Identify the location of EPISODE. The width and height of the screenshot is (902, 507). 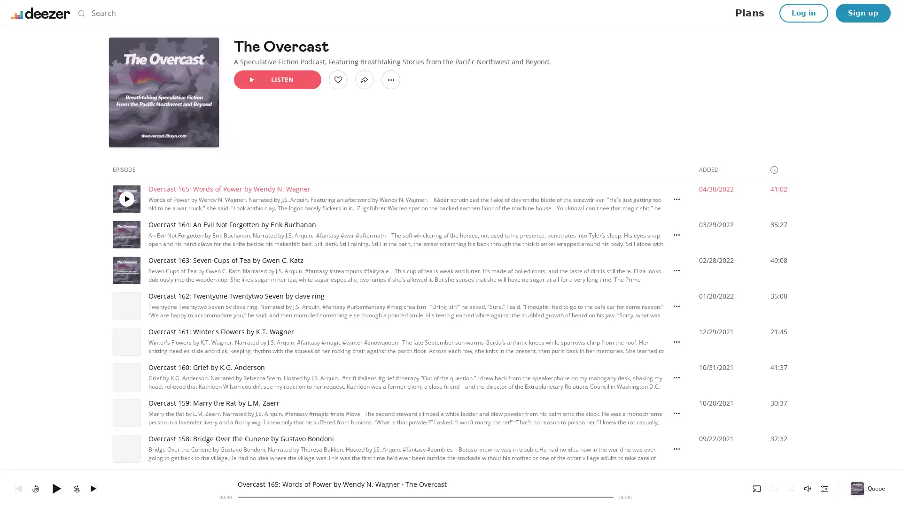
(128, 169).